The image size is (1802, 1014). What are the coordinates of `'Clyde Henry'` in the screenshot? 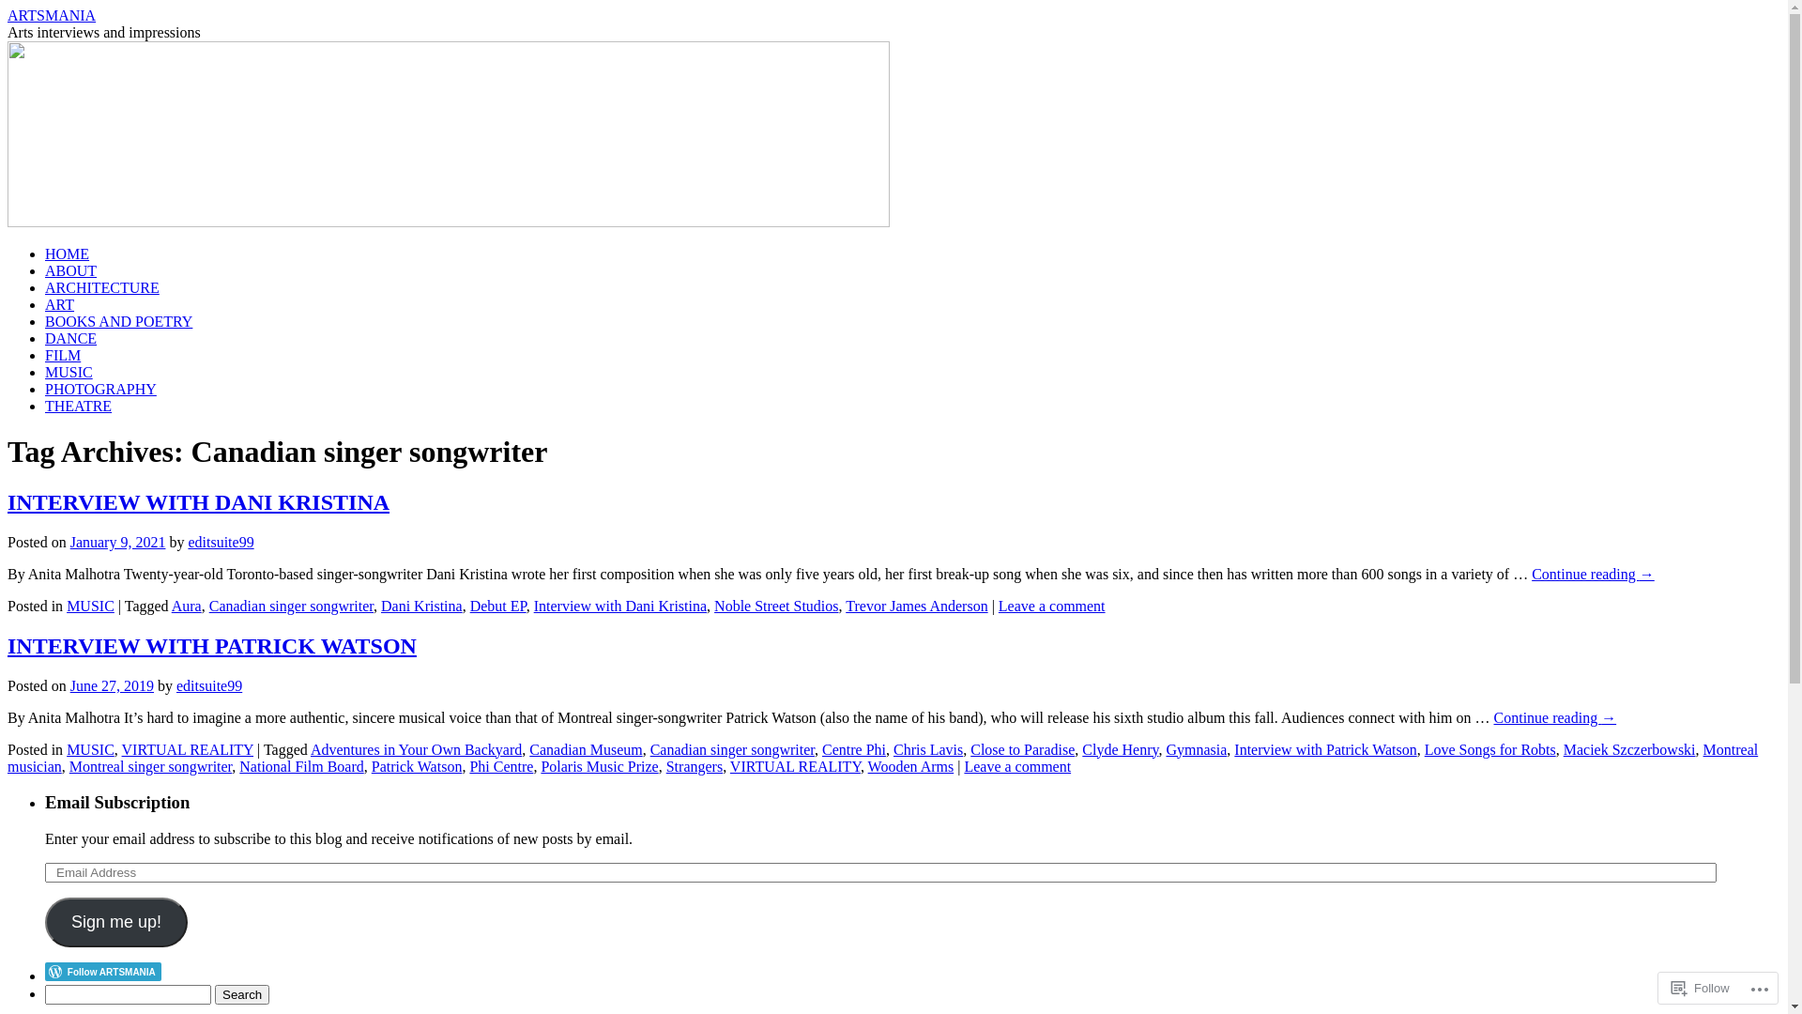 It's located at (1120, 748).